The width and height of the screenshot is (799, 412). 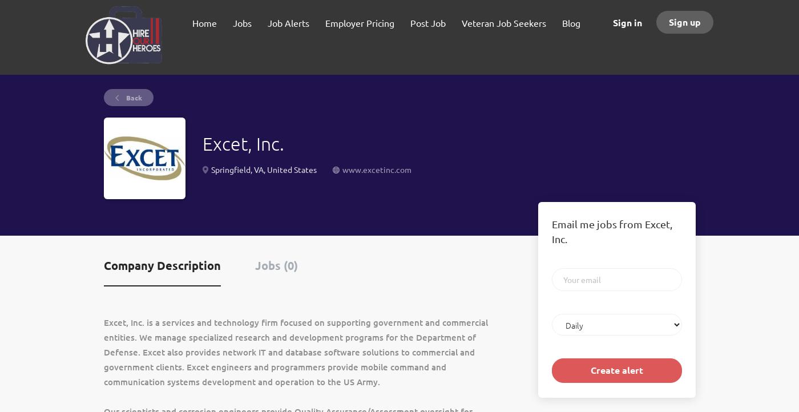 What do you see at coordinates (275, 264) in the screenshot?
I see `'Jobs (0)'` at bounding box center [275, 264].